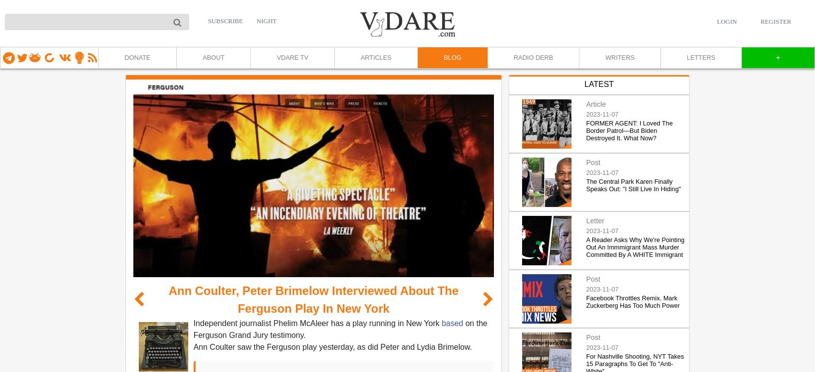 Image resolution: width=815 pixels, height=372 pixels. What do you see at coordinates (599, 83) in the screenshot?
I see `'LATEST'` at bounding box center [599, 83].